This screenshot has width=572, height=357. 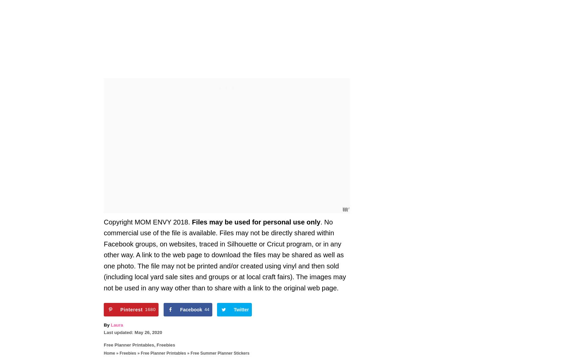 I want to click on 'Pinterest', so click(x=120, y=309).